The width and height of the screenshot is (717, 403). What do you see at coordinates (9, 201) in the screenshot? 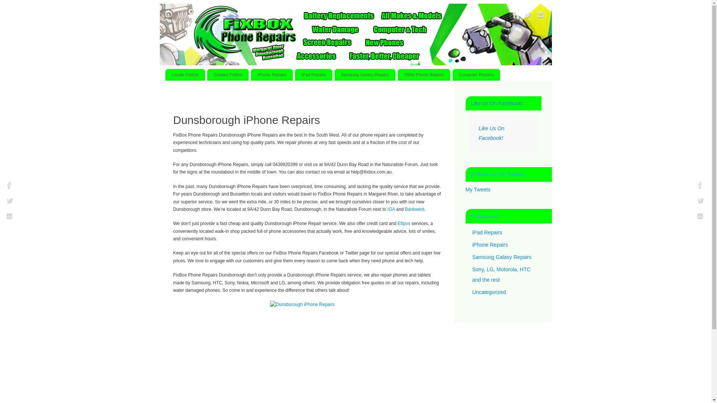
I see `'Twitter'` at bounding box center [9, 201].